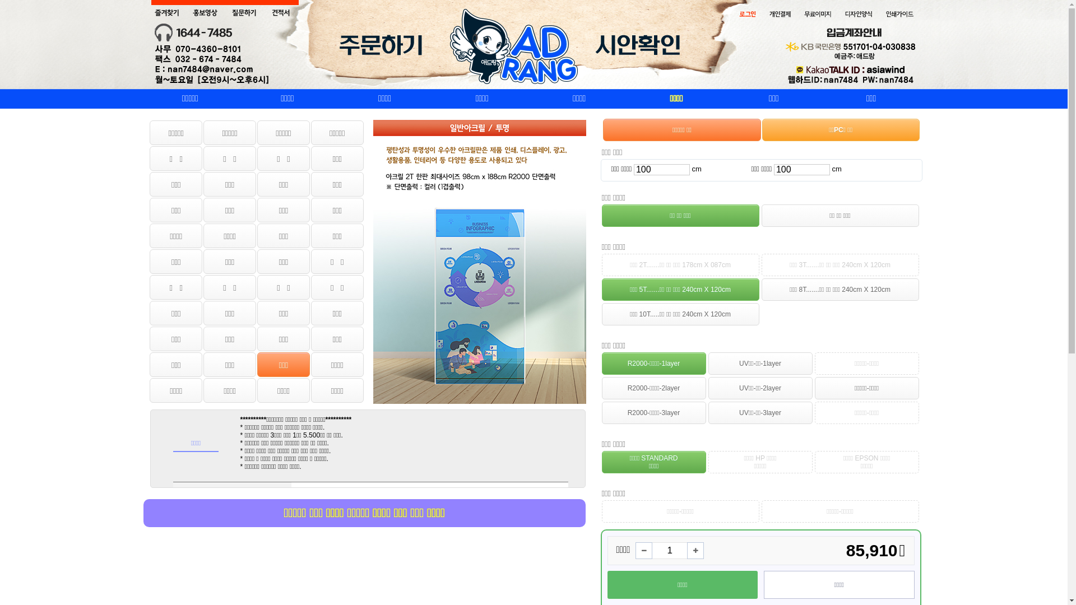  What do you see at coordinates (661, 170) in the screenshot?
I see `'100'` at bounding box center [661, 170].